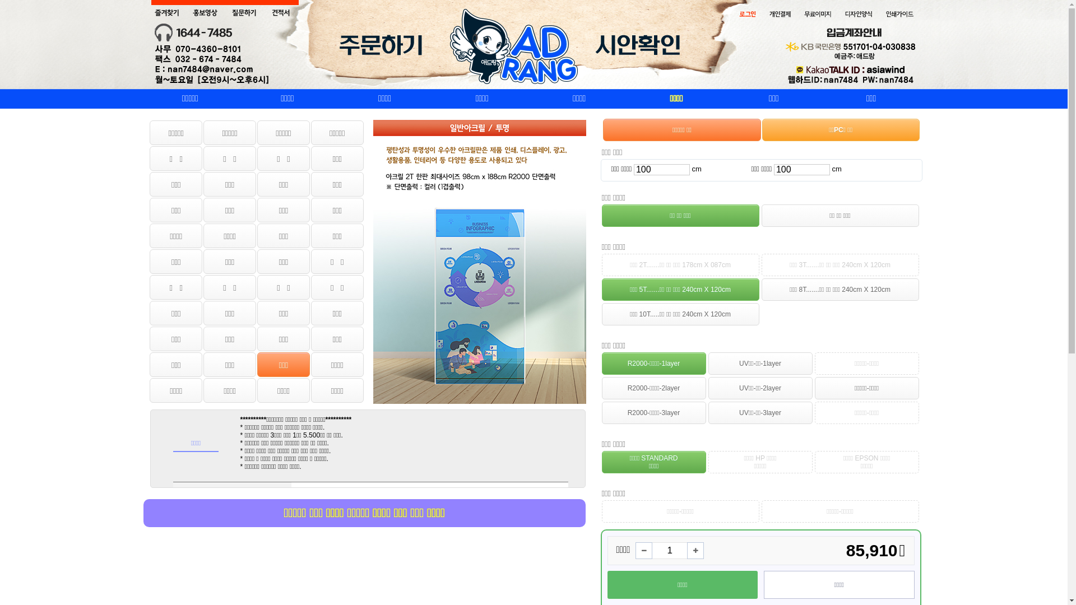  What do you see at coordinates (661, 170) in the screenshot?
I see `'100'` at bounding box center [661, 170].